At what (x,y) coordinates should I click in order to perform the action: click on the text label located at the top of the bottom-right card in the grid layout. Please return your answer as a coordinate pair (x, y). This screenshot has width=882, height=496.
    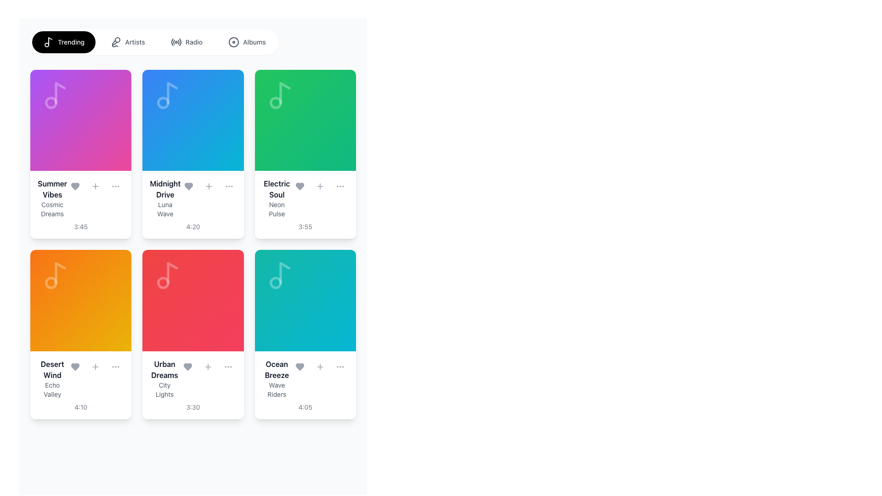
    Looking at the image, I should click on (276, 369).